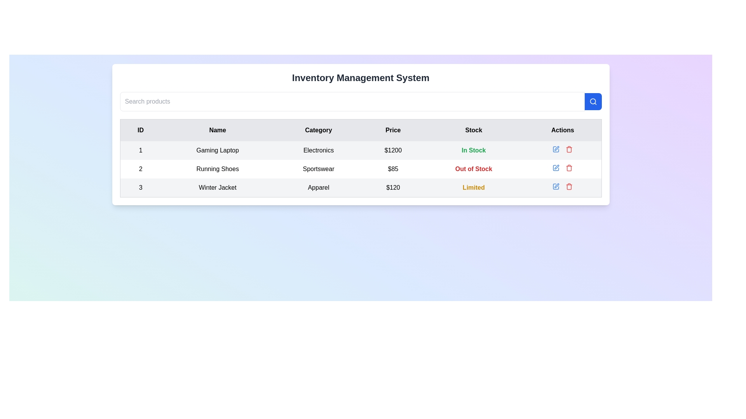 This screenshot has width=746, height=419. I want to click on the static text element '2' located in the first cell of the second row under the 'ID' column of the table, so click(140, 168).